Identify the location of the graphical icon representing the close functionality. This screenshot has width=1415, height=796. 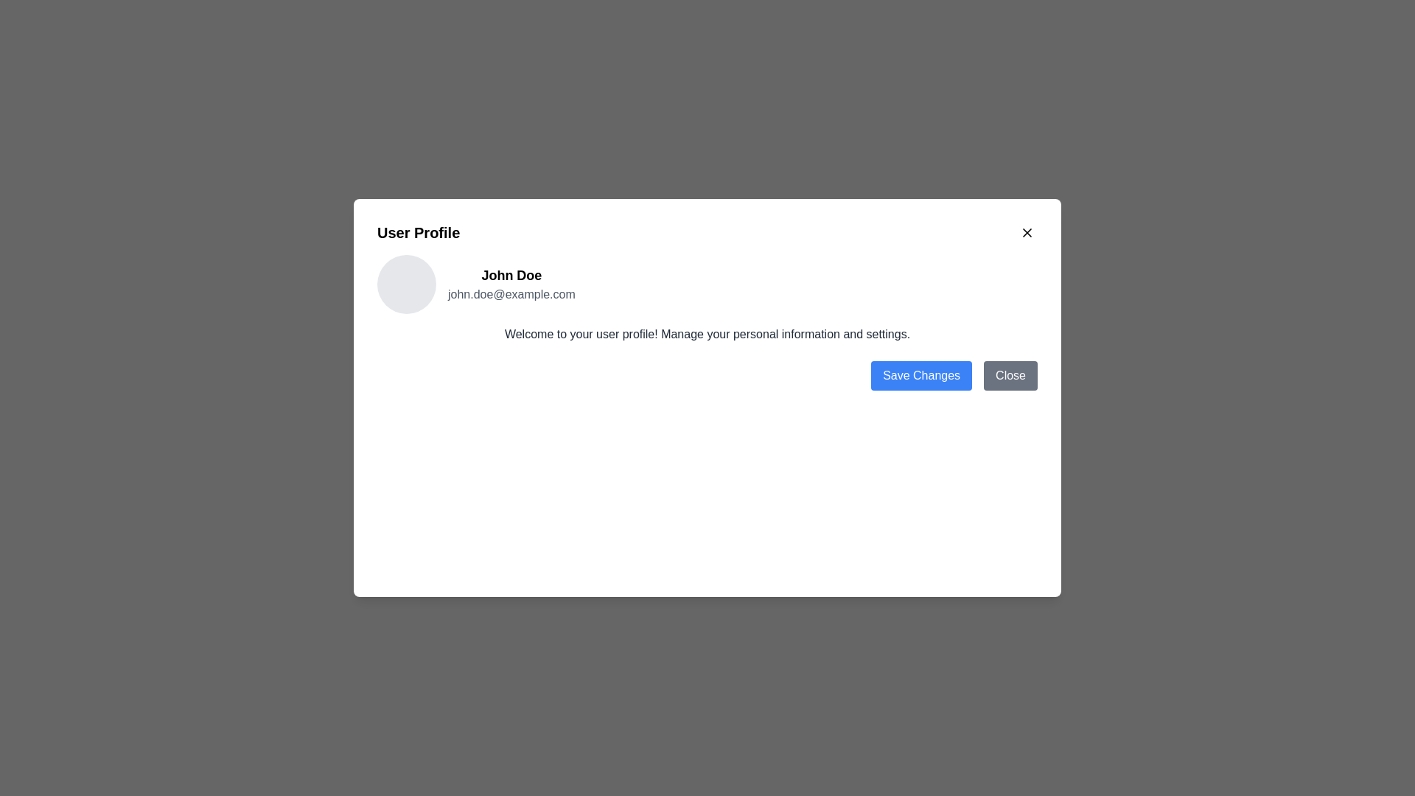
(1026, 232).